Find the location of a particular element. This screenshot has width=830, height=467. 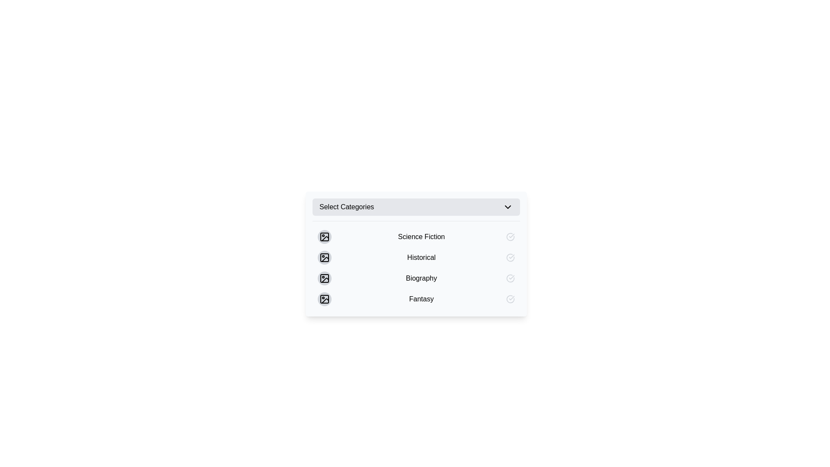

the Icon Button located to the left of the label text 'Historical' is located at coordinates (324, 257).